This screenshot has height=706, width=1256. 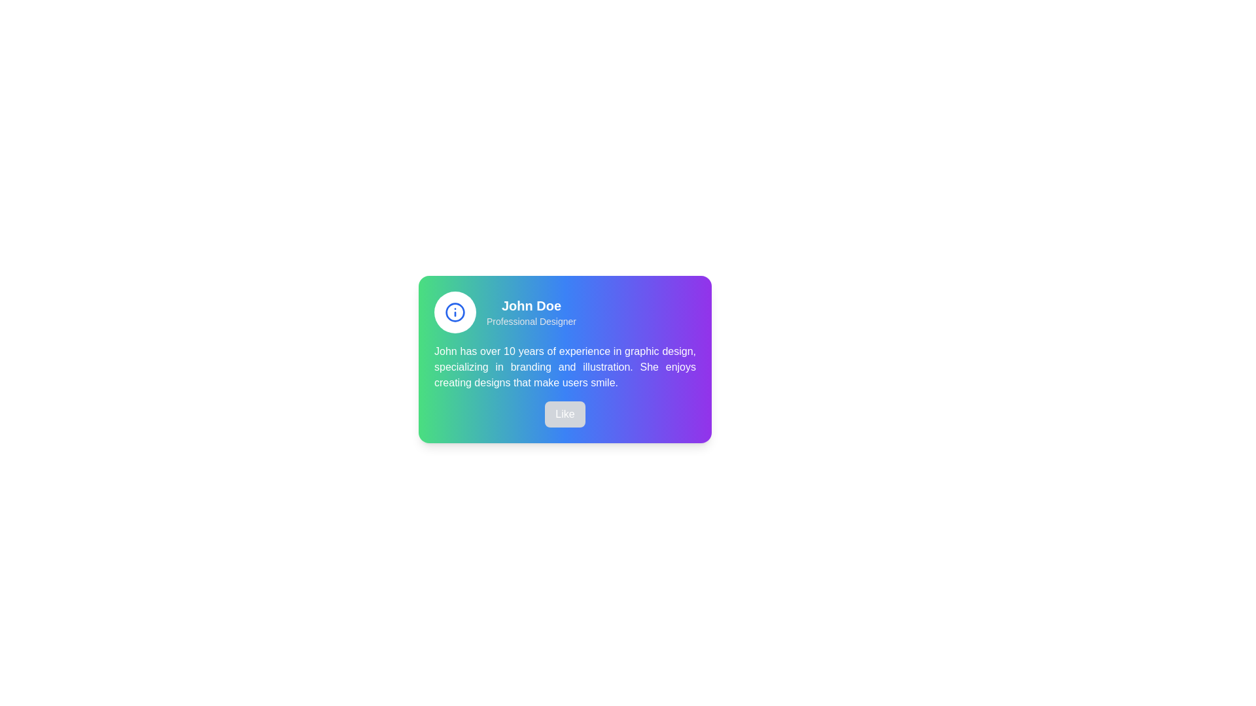 What do you see at coordinates (455, 312) in the screenshot?
I see `the decorative SVG Circle that represents the information icon at the top-left corner of the profile card` at bounding box center [455, 312].